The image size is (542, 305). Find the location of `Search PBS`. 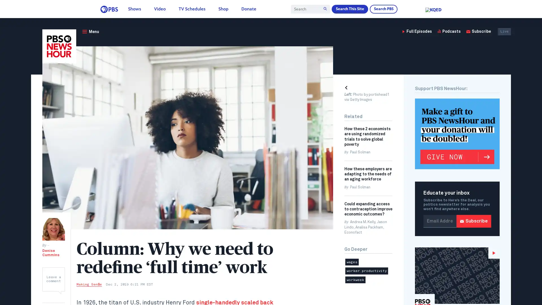

Search PBS is located at coordinates (383, 9).